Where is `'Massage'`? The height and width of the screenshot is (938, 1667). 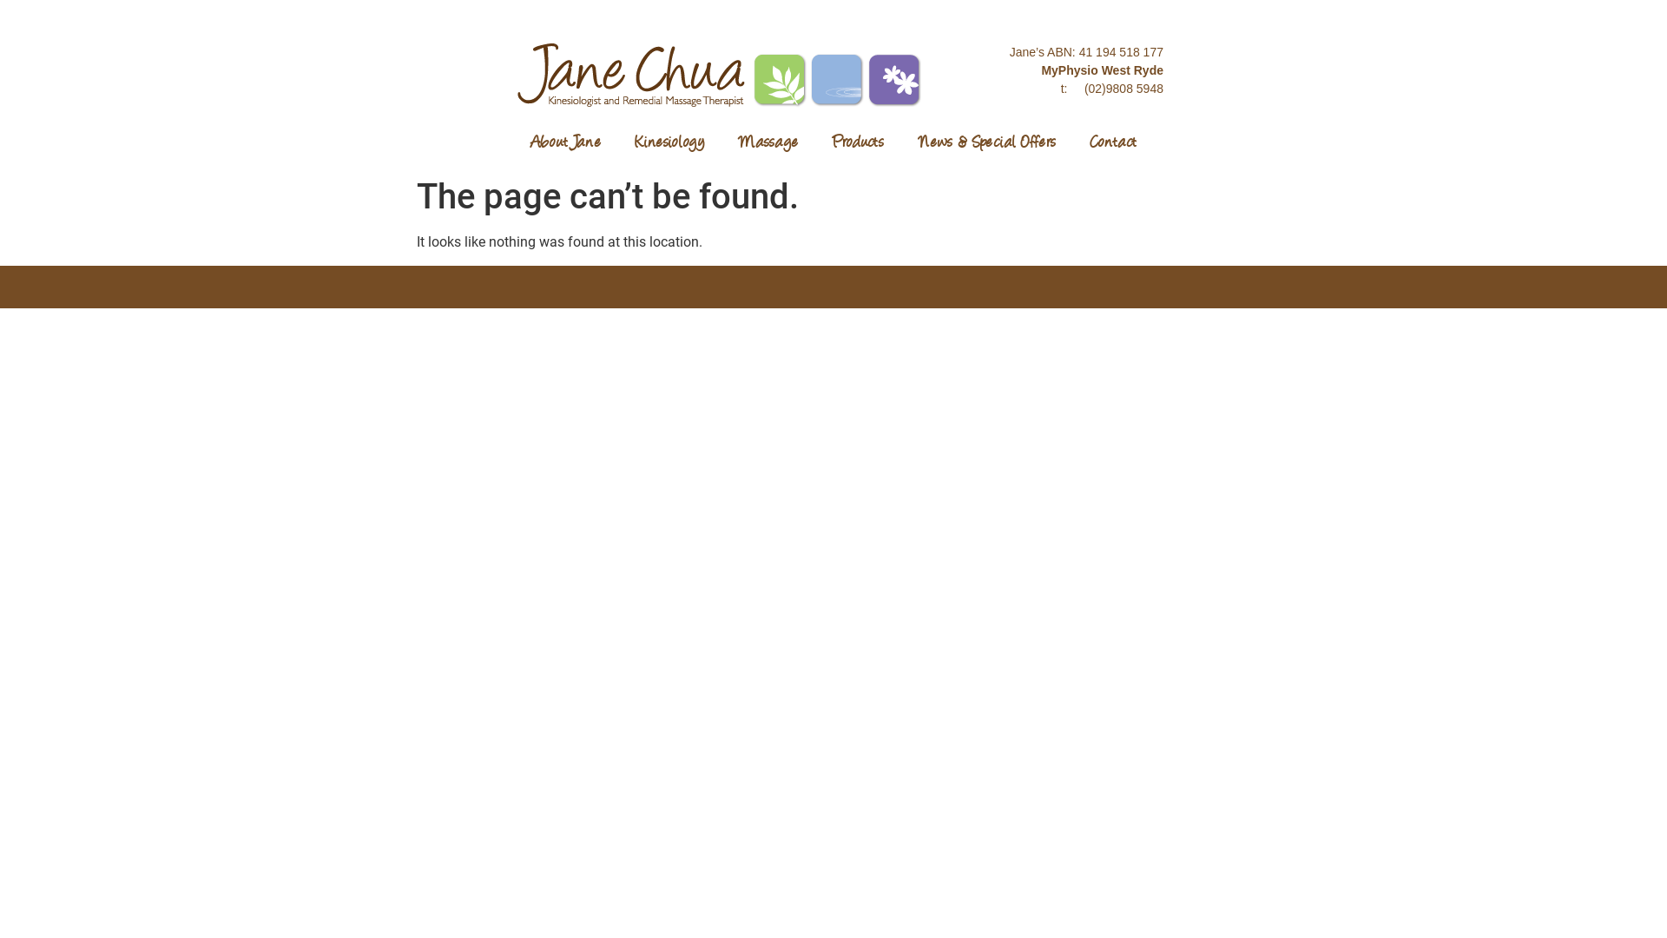 'Massage' is located at coordinates (767, 142).